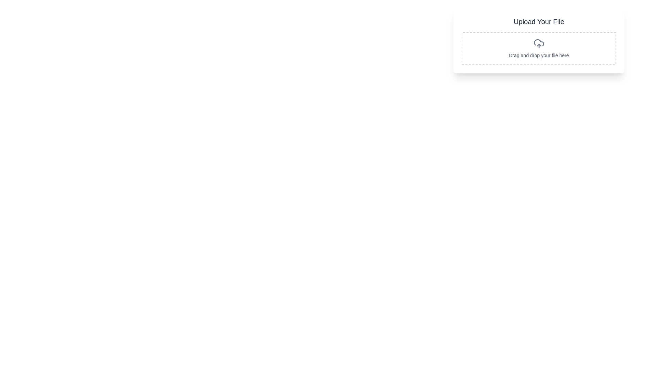  Describe the element at coordinates (538, 55) in the screenshot. I see `the instructional text label that guides users to drag and drop files into the upload area, located at the bottom of the upload section below the upload icon` at that location.